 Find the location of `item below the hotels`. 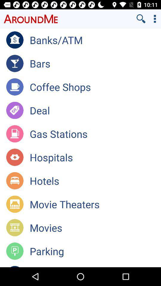

item below the hotels is located at coordinates (95, 204).